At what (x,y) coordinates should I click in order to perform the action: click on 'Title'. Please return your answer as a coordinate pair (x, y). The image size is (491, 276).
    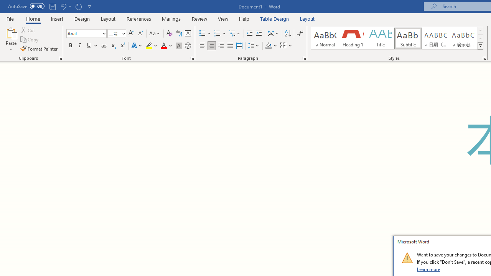
    Looking at the image, I should click on (381, 38).